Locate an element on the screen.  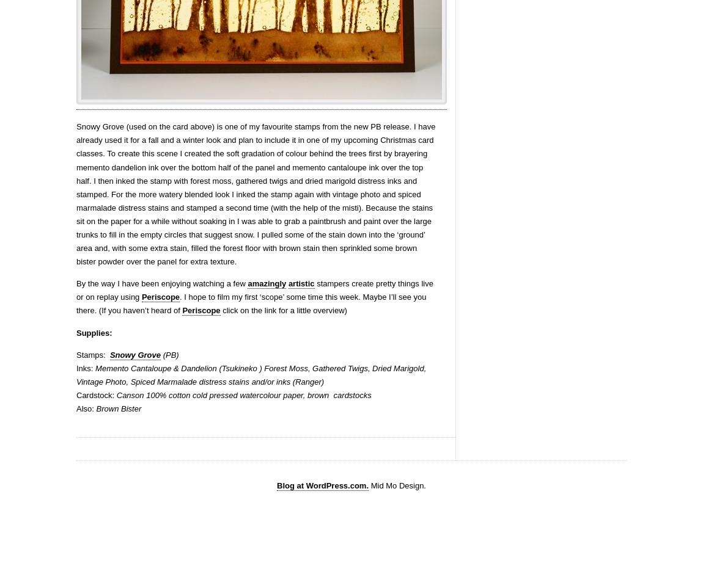
'Stamps:' is located at coordinates (76, 354).